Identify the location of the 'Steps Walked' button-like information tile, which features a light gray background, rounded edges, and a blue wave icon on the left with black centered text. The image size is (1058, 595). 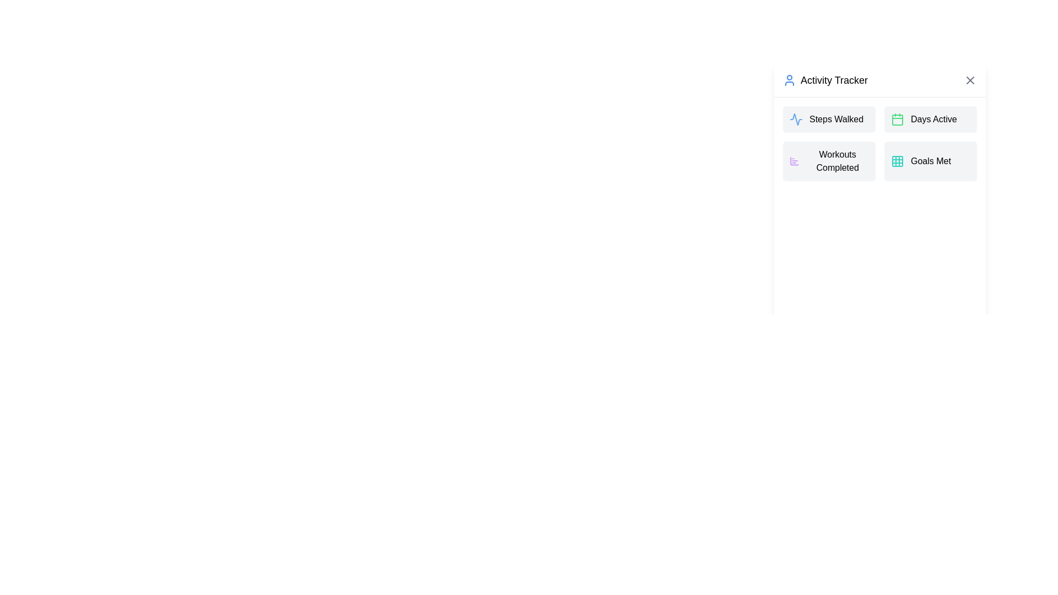
(829, 119).